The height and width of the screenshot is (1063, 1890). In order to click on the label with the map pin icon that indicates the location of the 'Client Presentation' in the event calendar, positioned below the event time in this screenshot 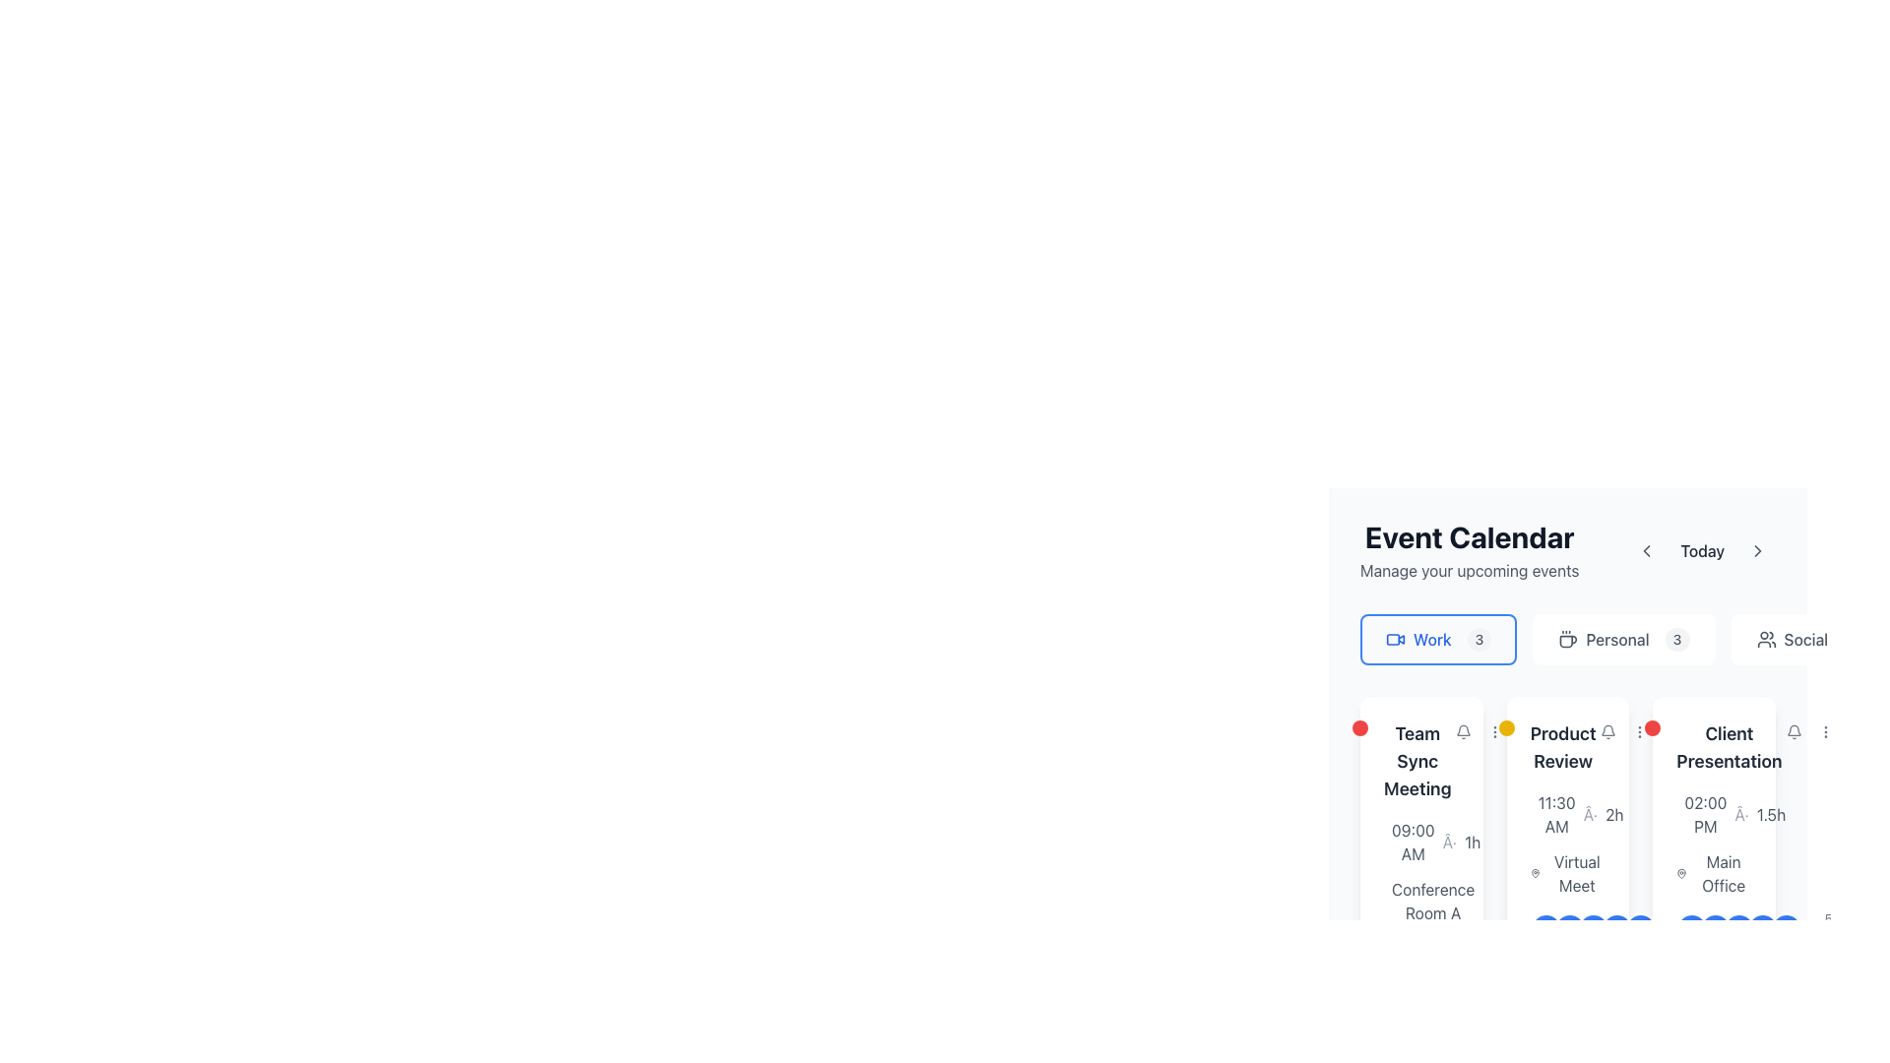, I will do `click(1713, 872)`.